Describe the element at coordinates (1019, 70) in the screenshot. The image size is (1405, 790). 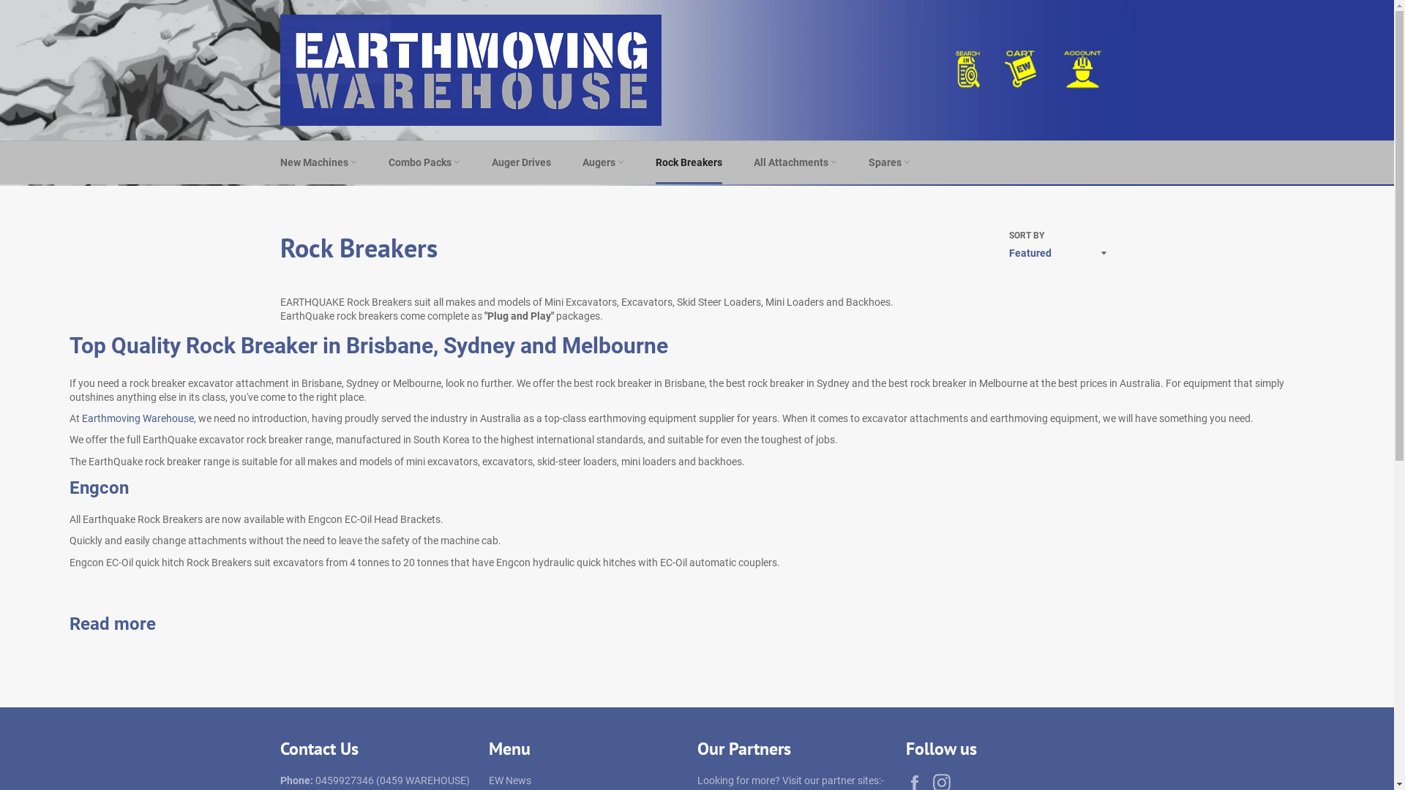
I see `'Cart'` at that location.